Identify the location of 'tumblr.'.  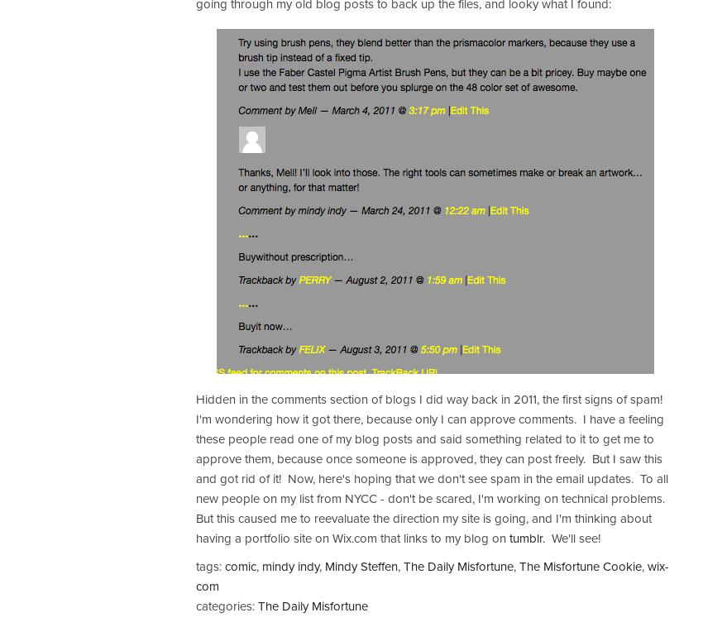
(526, 539).